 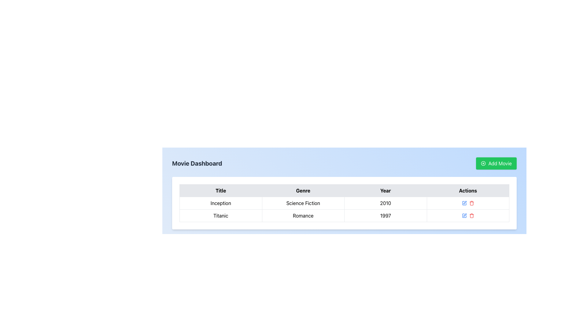 I want to click on the Button Group element in the 'Actions' column for the movie 'Titanic Romance 1997', which contains blue edit and red delete icons, so click(x=467, y=215).